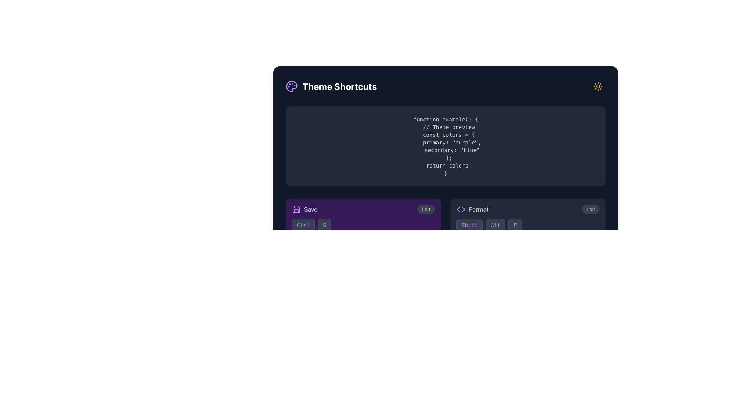 Image resolution: width=739 pixels, height=415 pixels. What do you see at coordinates (304, 209) in the screenshot?
I see `the 'Save' button which has a purple save icon and gray text` at bounding box center [304, 209].